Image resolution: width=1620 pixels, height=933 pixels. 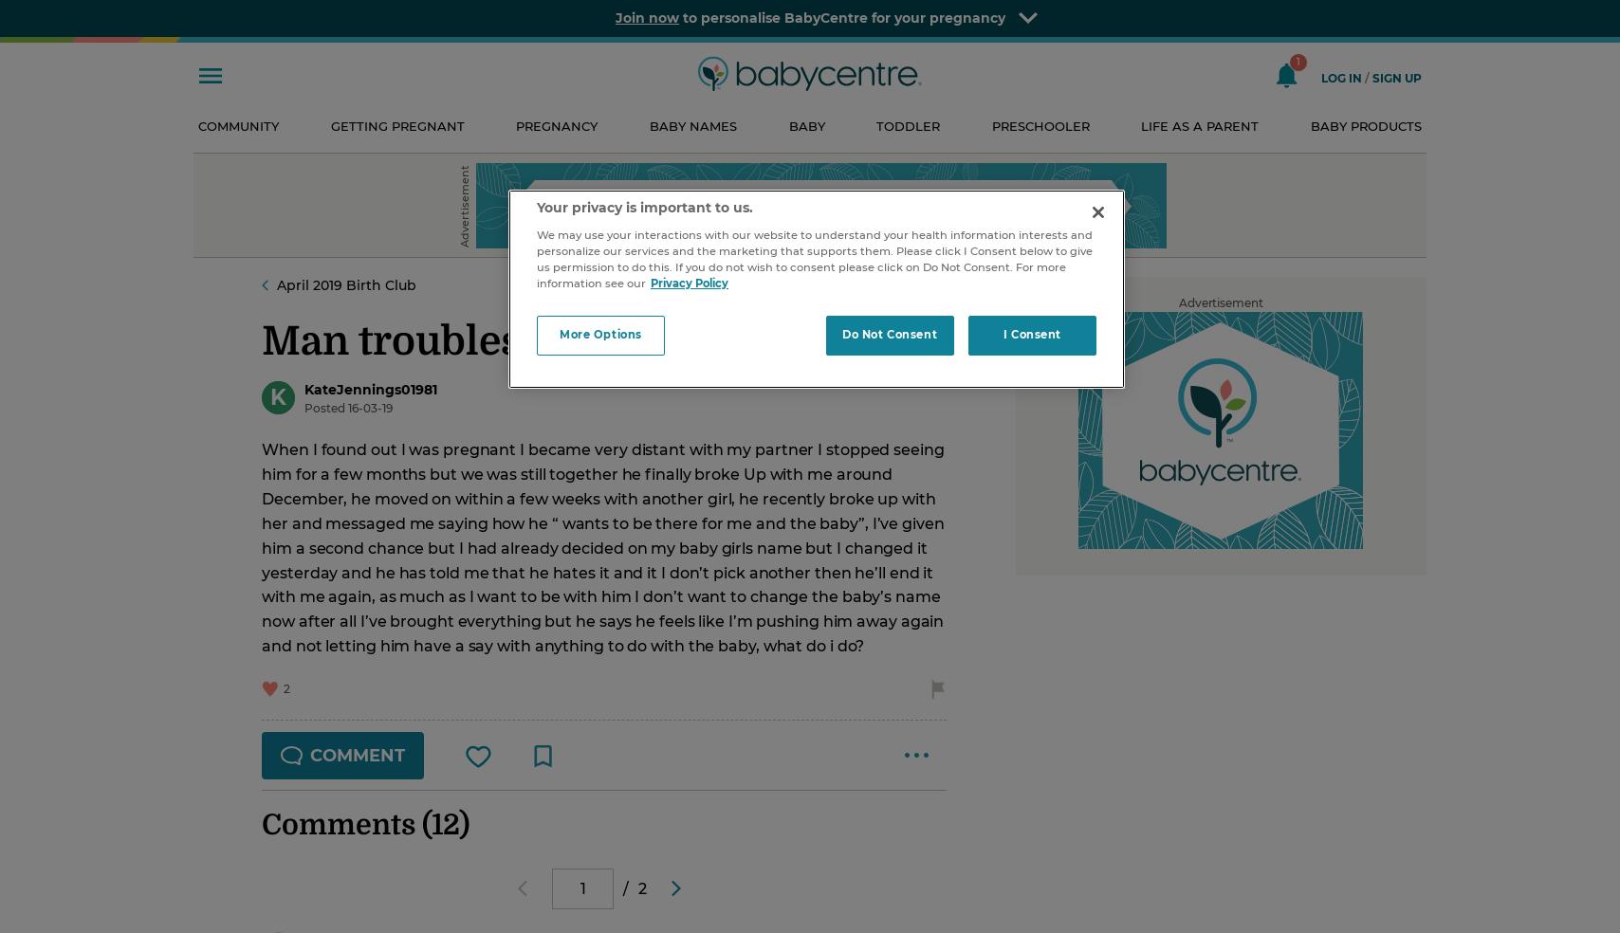 What do you see at coordinates (894, 16) in the screenshot?
I see `'BabyCentre for your pregnancy'` at bounding box center [894, 16].